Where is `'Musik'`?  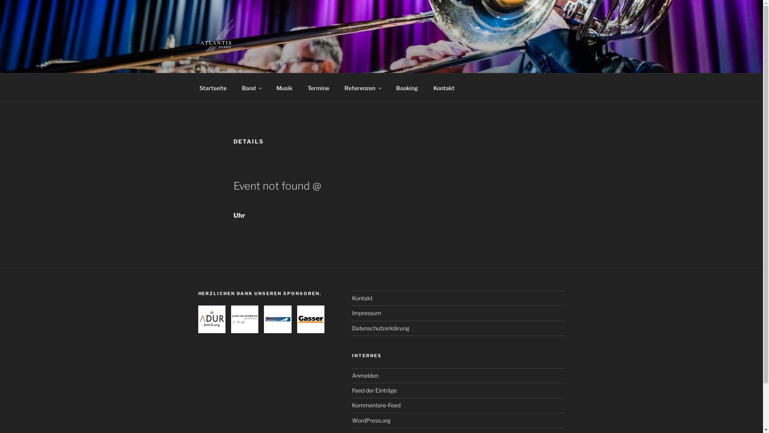 'Musik' is located at coordinates (284, 87).